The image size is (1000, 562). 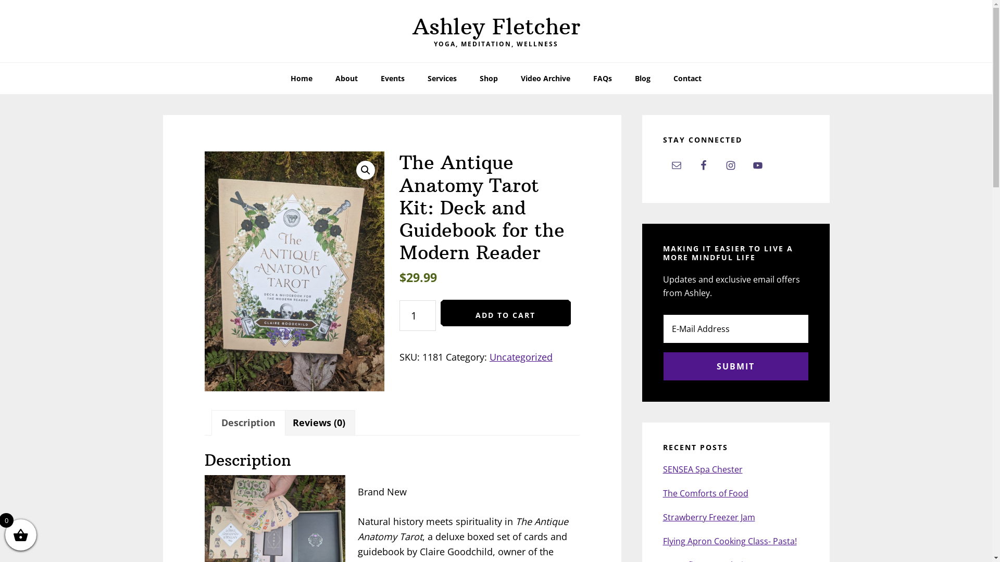 What do you see at coordinates (708, 517) in the screenshot?
I see `'Strawberry Freezer Jam'` at bounding box center [708, 517].